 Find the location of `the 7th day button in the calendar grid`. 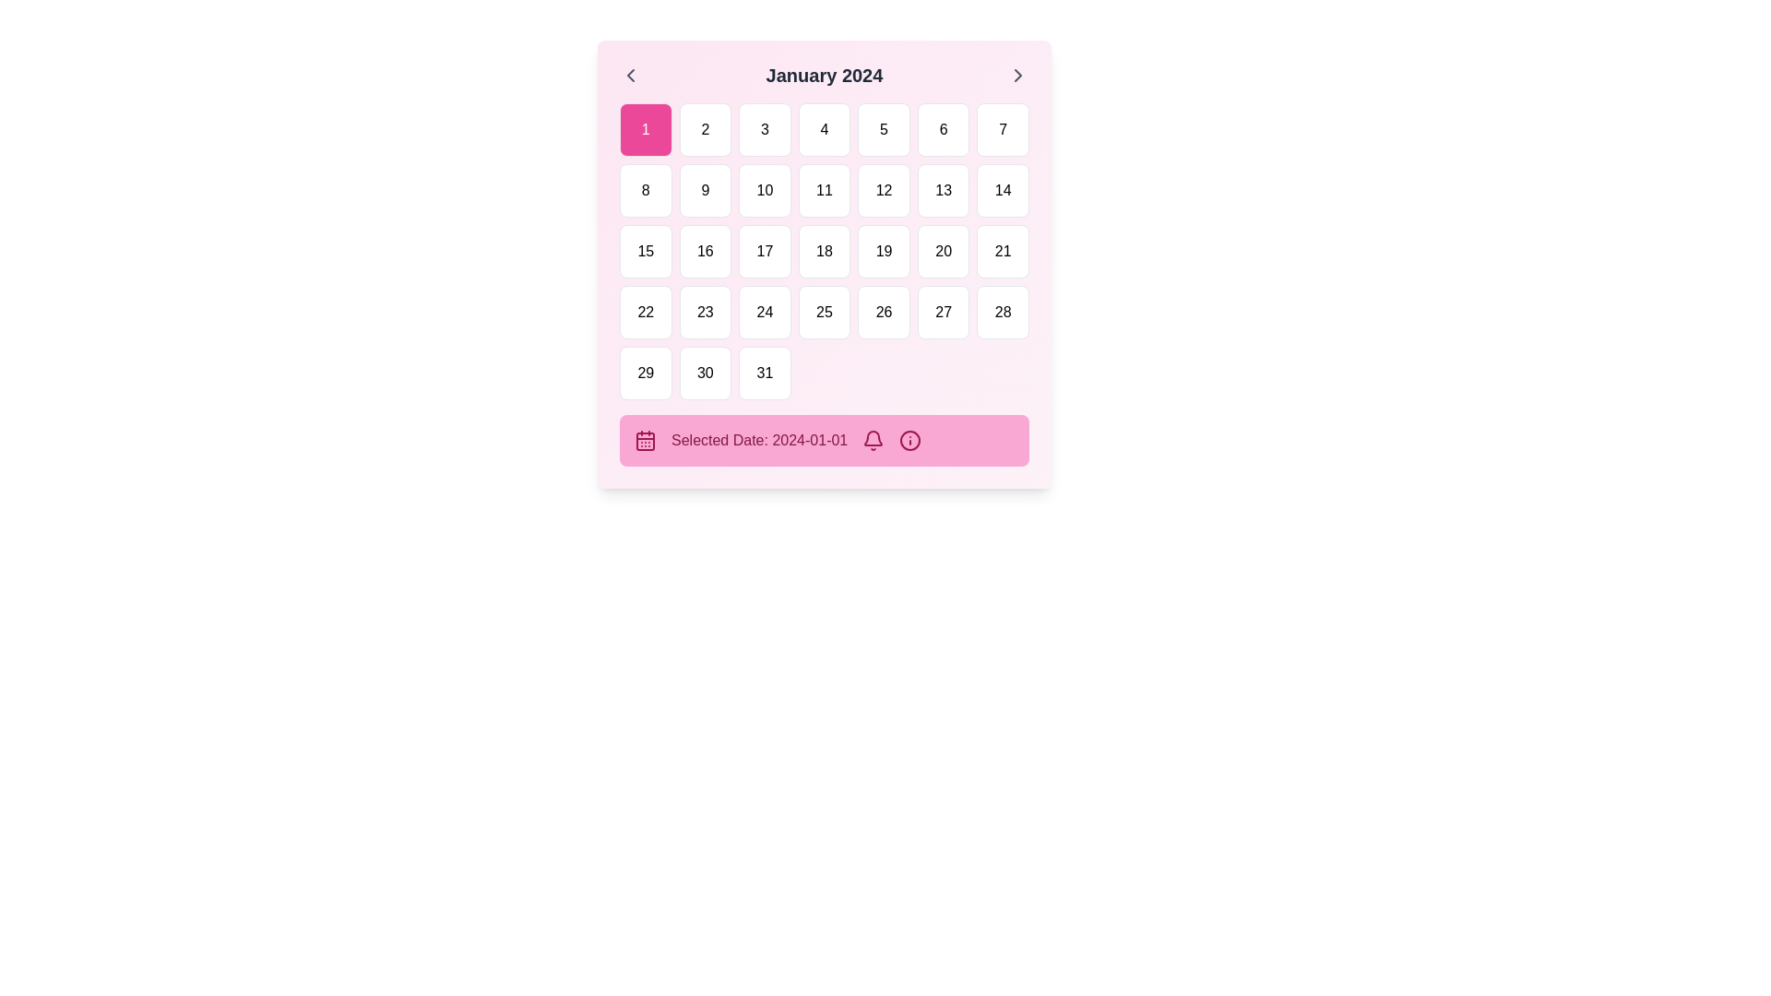

the 7th day button in the calendar grid is located at coordinates (1002, 129).